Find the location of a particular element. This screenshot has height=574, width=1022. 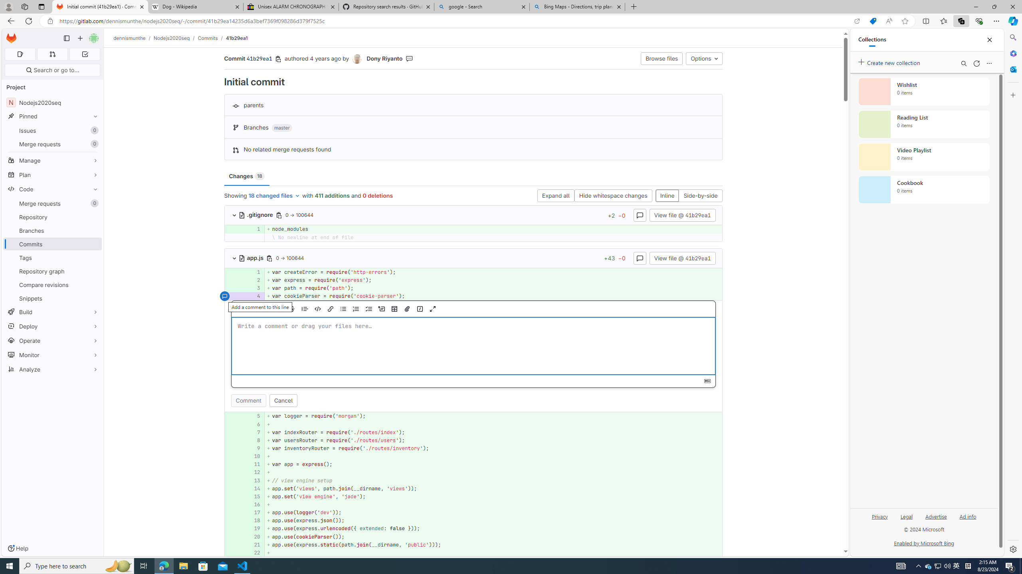

'AutomationID: 4a68969ef8e858229267b842dedf42ab5dde4d50_0_8' is located at coordinates (473, 440).